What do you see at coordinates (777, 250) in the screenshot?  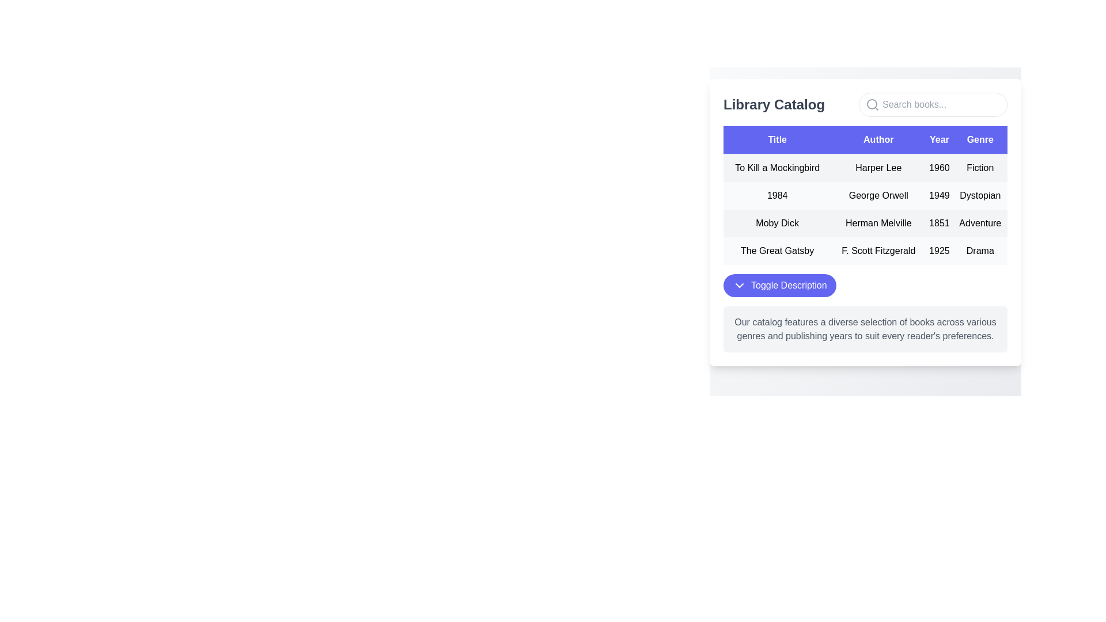 I see `the title of the book in the Library Catalog section, located in the fourth row under the 'Title' column` at bounding box center [777, 250].